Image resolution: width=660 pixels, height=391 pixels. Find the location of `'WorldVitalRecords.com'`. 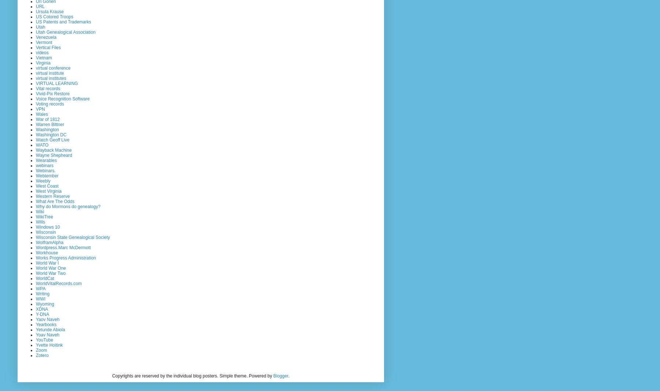

'WorldVitalRecords.com' is located at coordinates (58, 283).